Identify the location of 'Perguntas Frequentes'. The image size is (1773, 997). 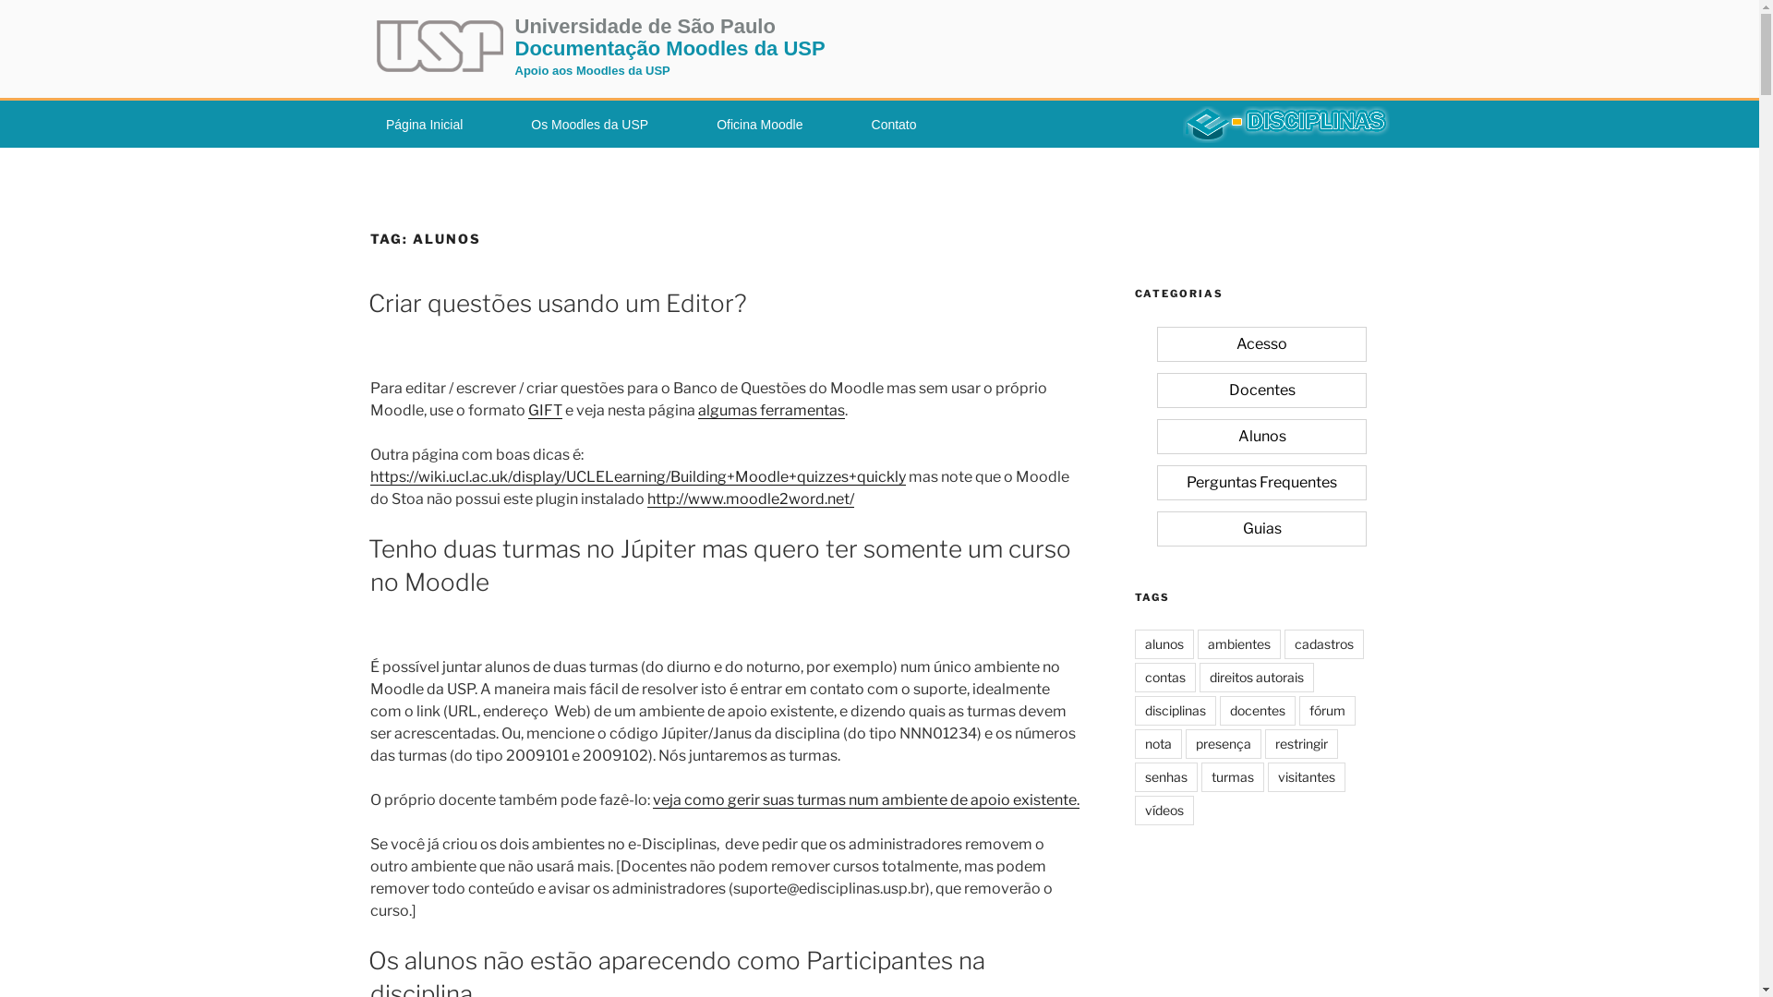
(1260, 481).